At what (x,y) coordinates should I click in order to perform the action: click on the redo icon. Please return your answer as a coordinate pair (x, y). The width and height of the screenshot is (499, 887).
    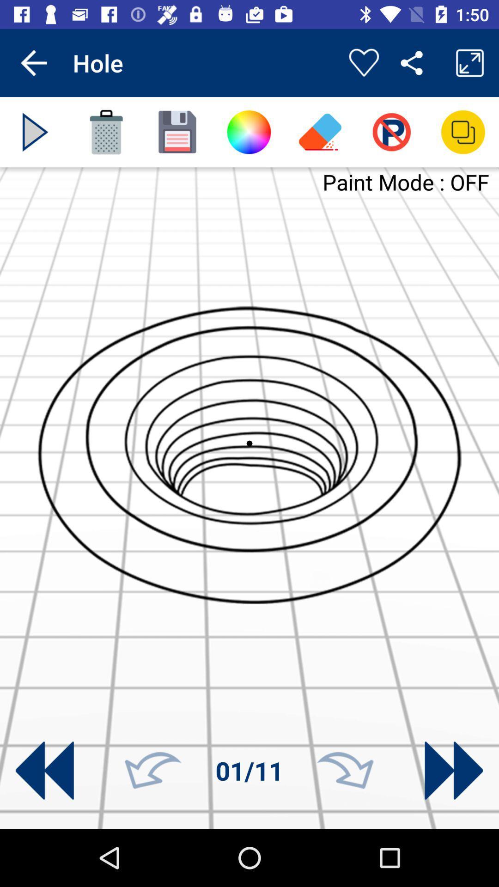
    Looking at the image, I should click on (345, 771).